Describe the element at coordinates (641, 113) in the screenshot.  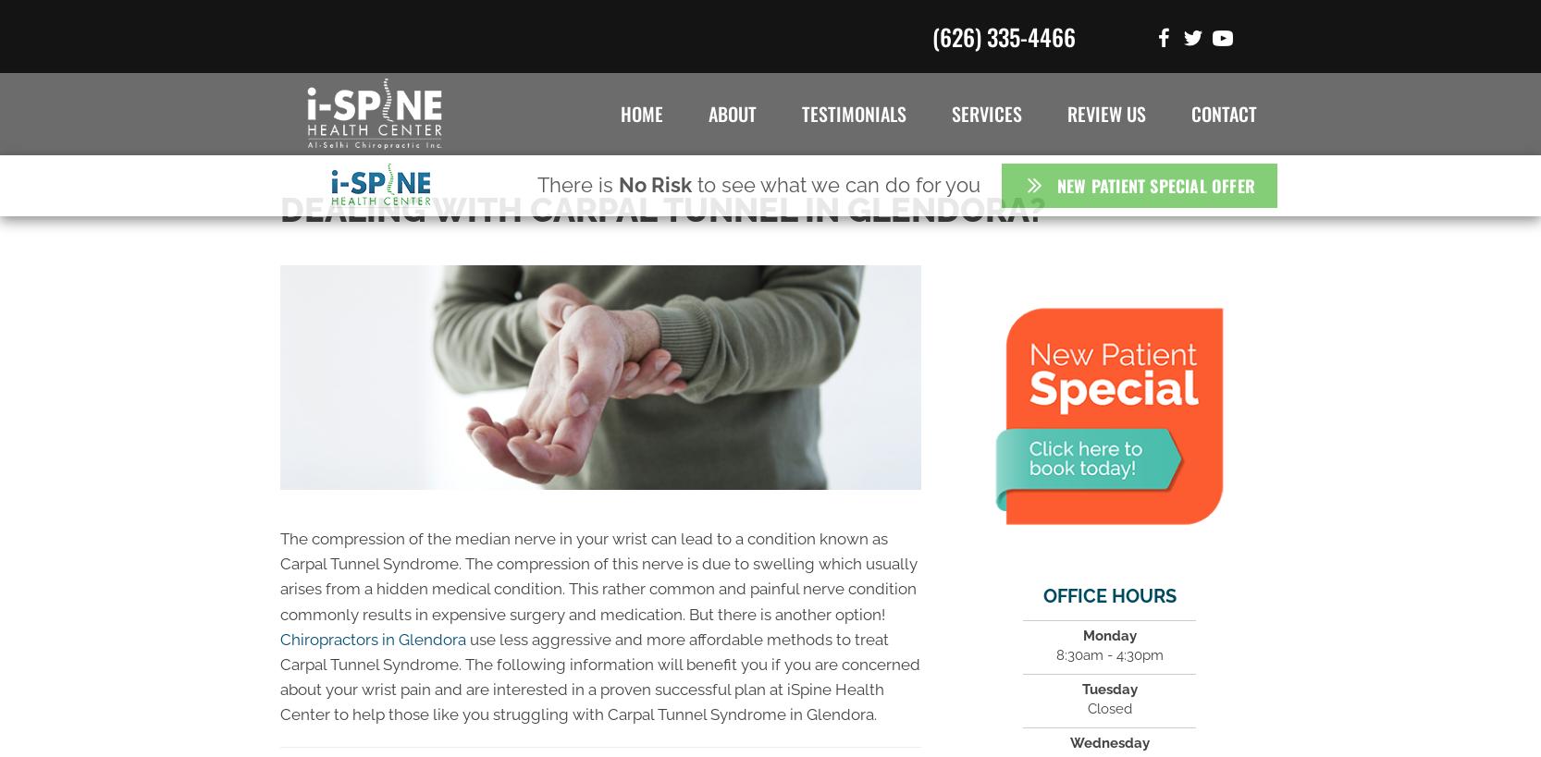
I see `'Home'` at that location.